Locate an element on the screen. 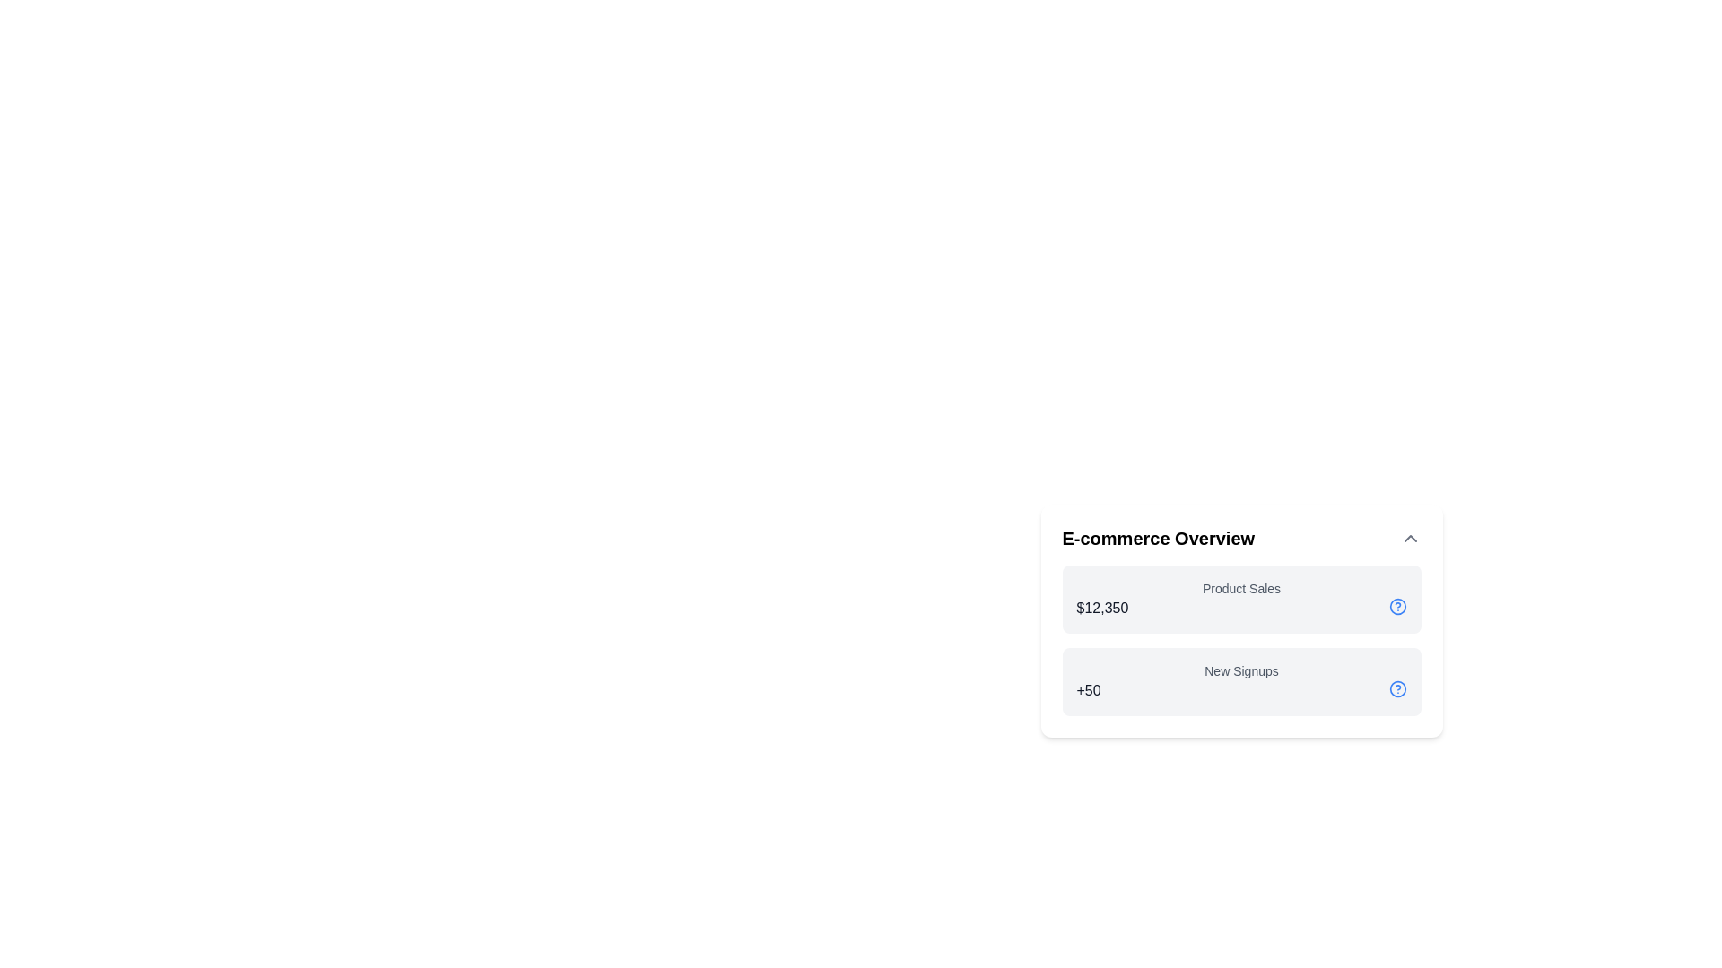  the 'New Signups' text label displayed in a small, gray font, which is horizontally centered within the 'E-commerce Overview' card and located above the numeric value '+50' is located at coordinates (1240, 670).